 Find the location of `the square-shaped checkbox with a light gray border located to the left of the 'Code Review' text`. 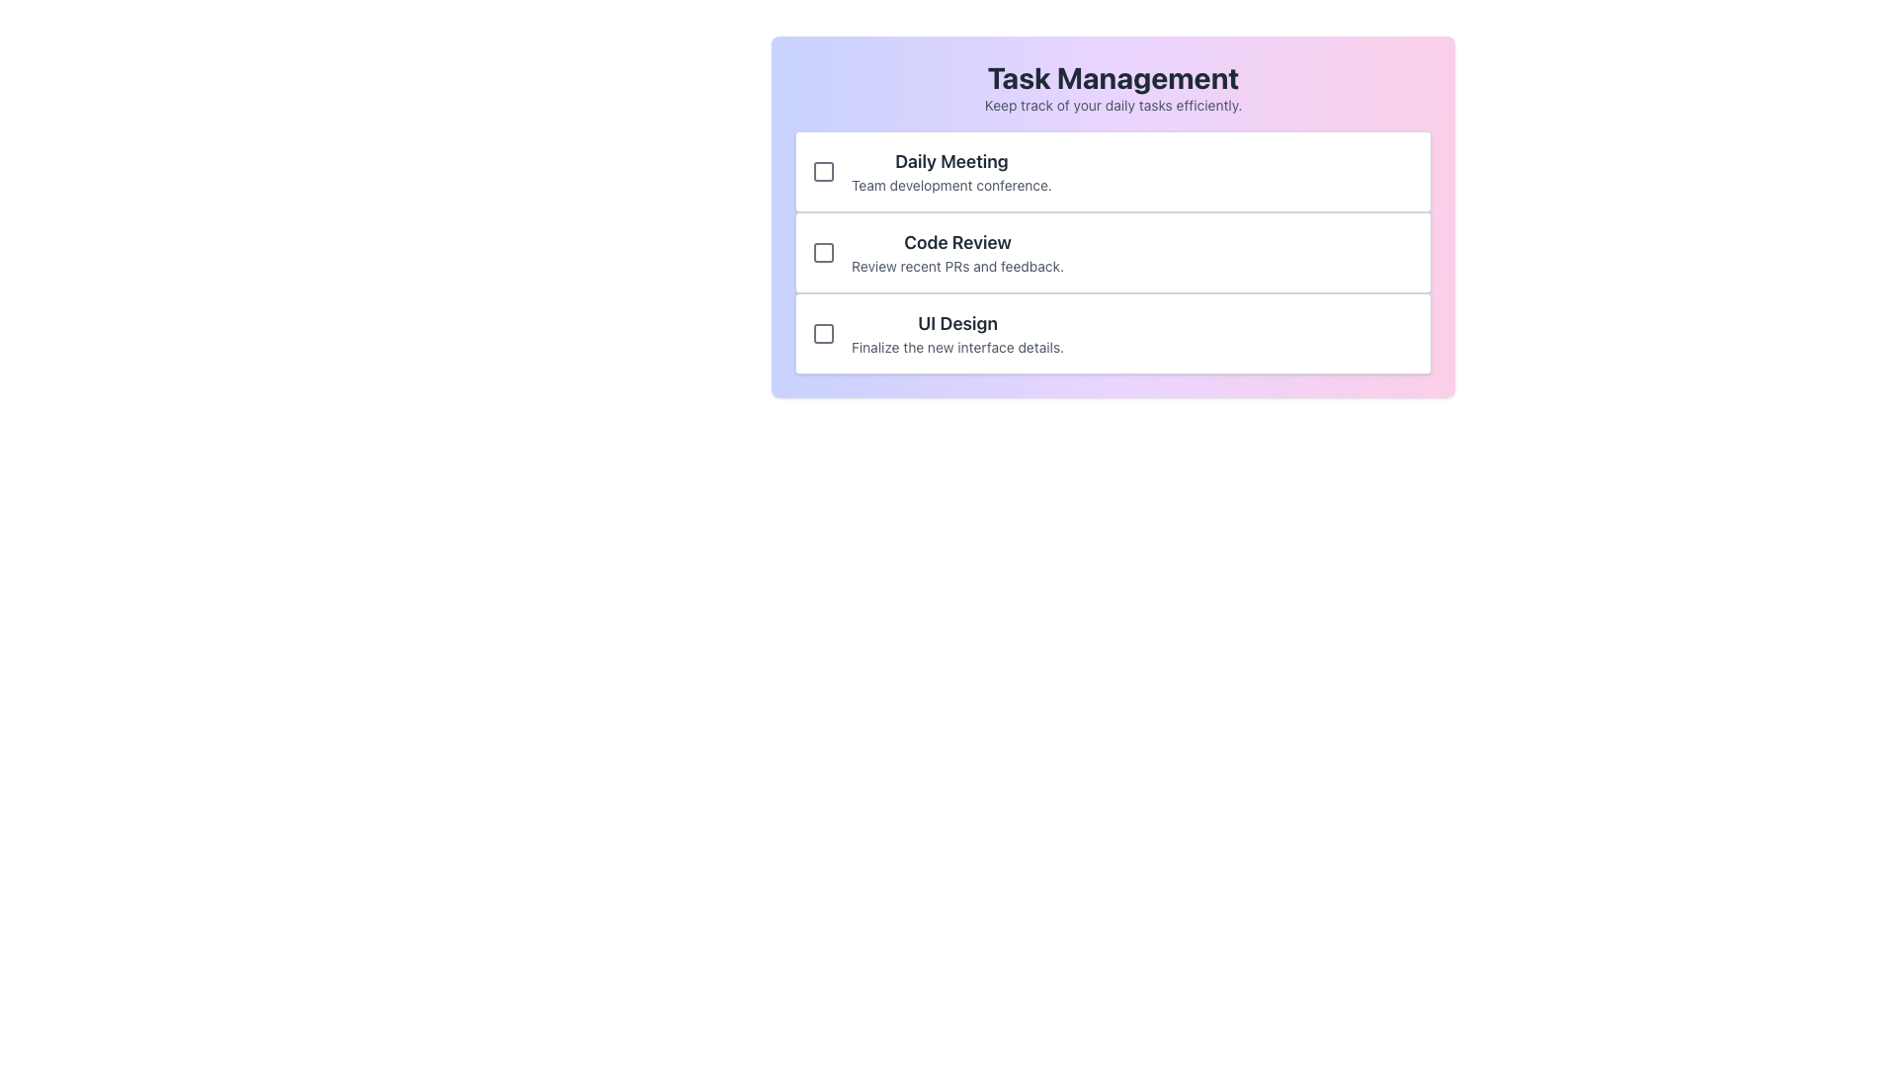

the square-shaped checkbox with a light gray border located to the left of the 'Code Review' text is located at coordinates (824, 251).